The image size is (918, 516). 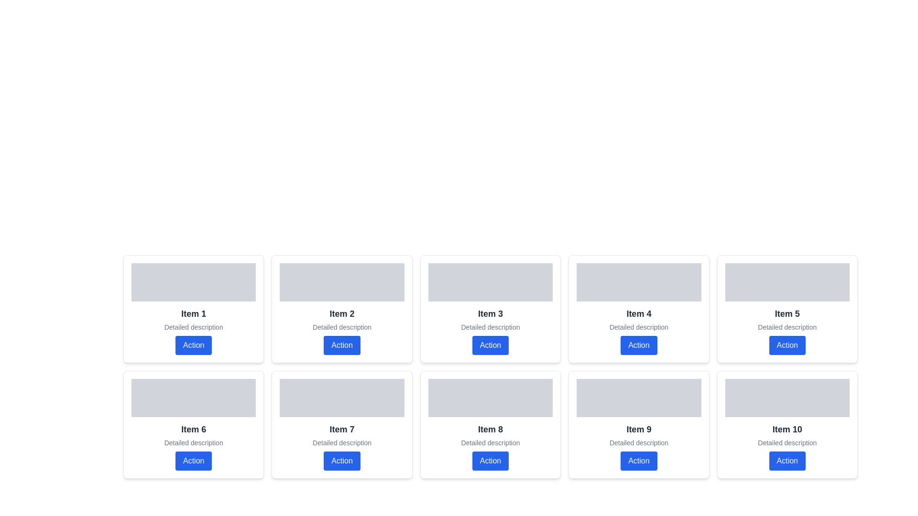 What do you see at coordinates (787, 281) in the screenshot?
I see `the gray rectangular image placeholder with rounded corners located at the top of the fifth card labeled 'Item 5'` at bounding box center [787, 281].